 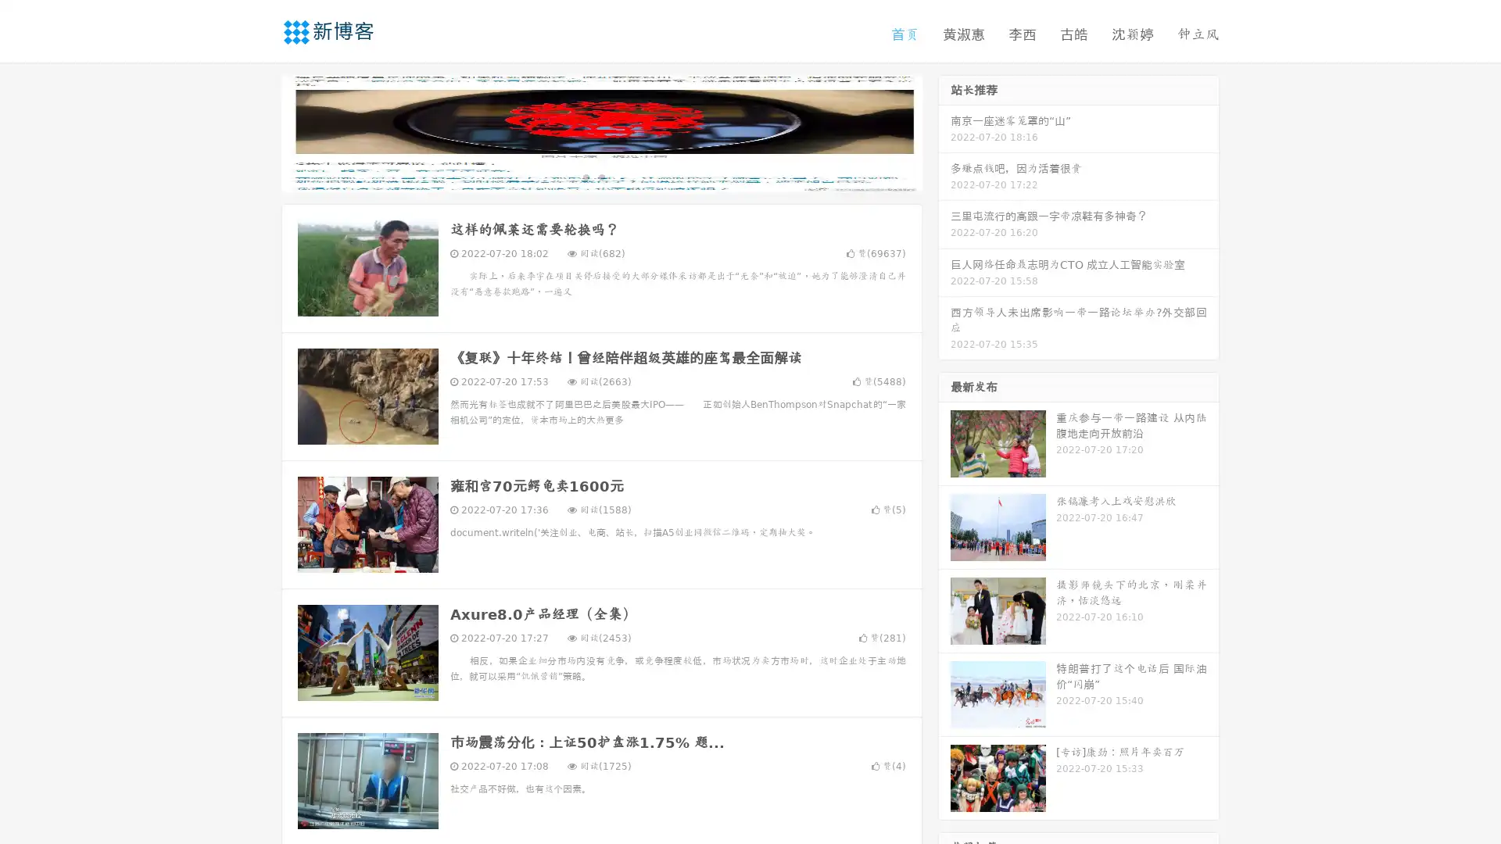 I want to click on Go to slide 3, so click(x=617, y=176).